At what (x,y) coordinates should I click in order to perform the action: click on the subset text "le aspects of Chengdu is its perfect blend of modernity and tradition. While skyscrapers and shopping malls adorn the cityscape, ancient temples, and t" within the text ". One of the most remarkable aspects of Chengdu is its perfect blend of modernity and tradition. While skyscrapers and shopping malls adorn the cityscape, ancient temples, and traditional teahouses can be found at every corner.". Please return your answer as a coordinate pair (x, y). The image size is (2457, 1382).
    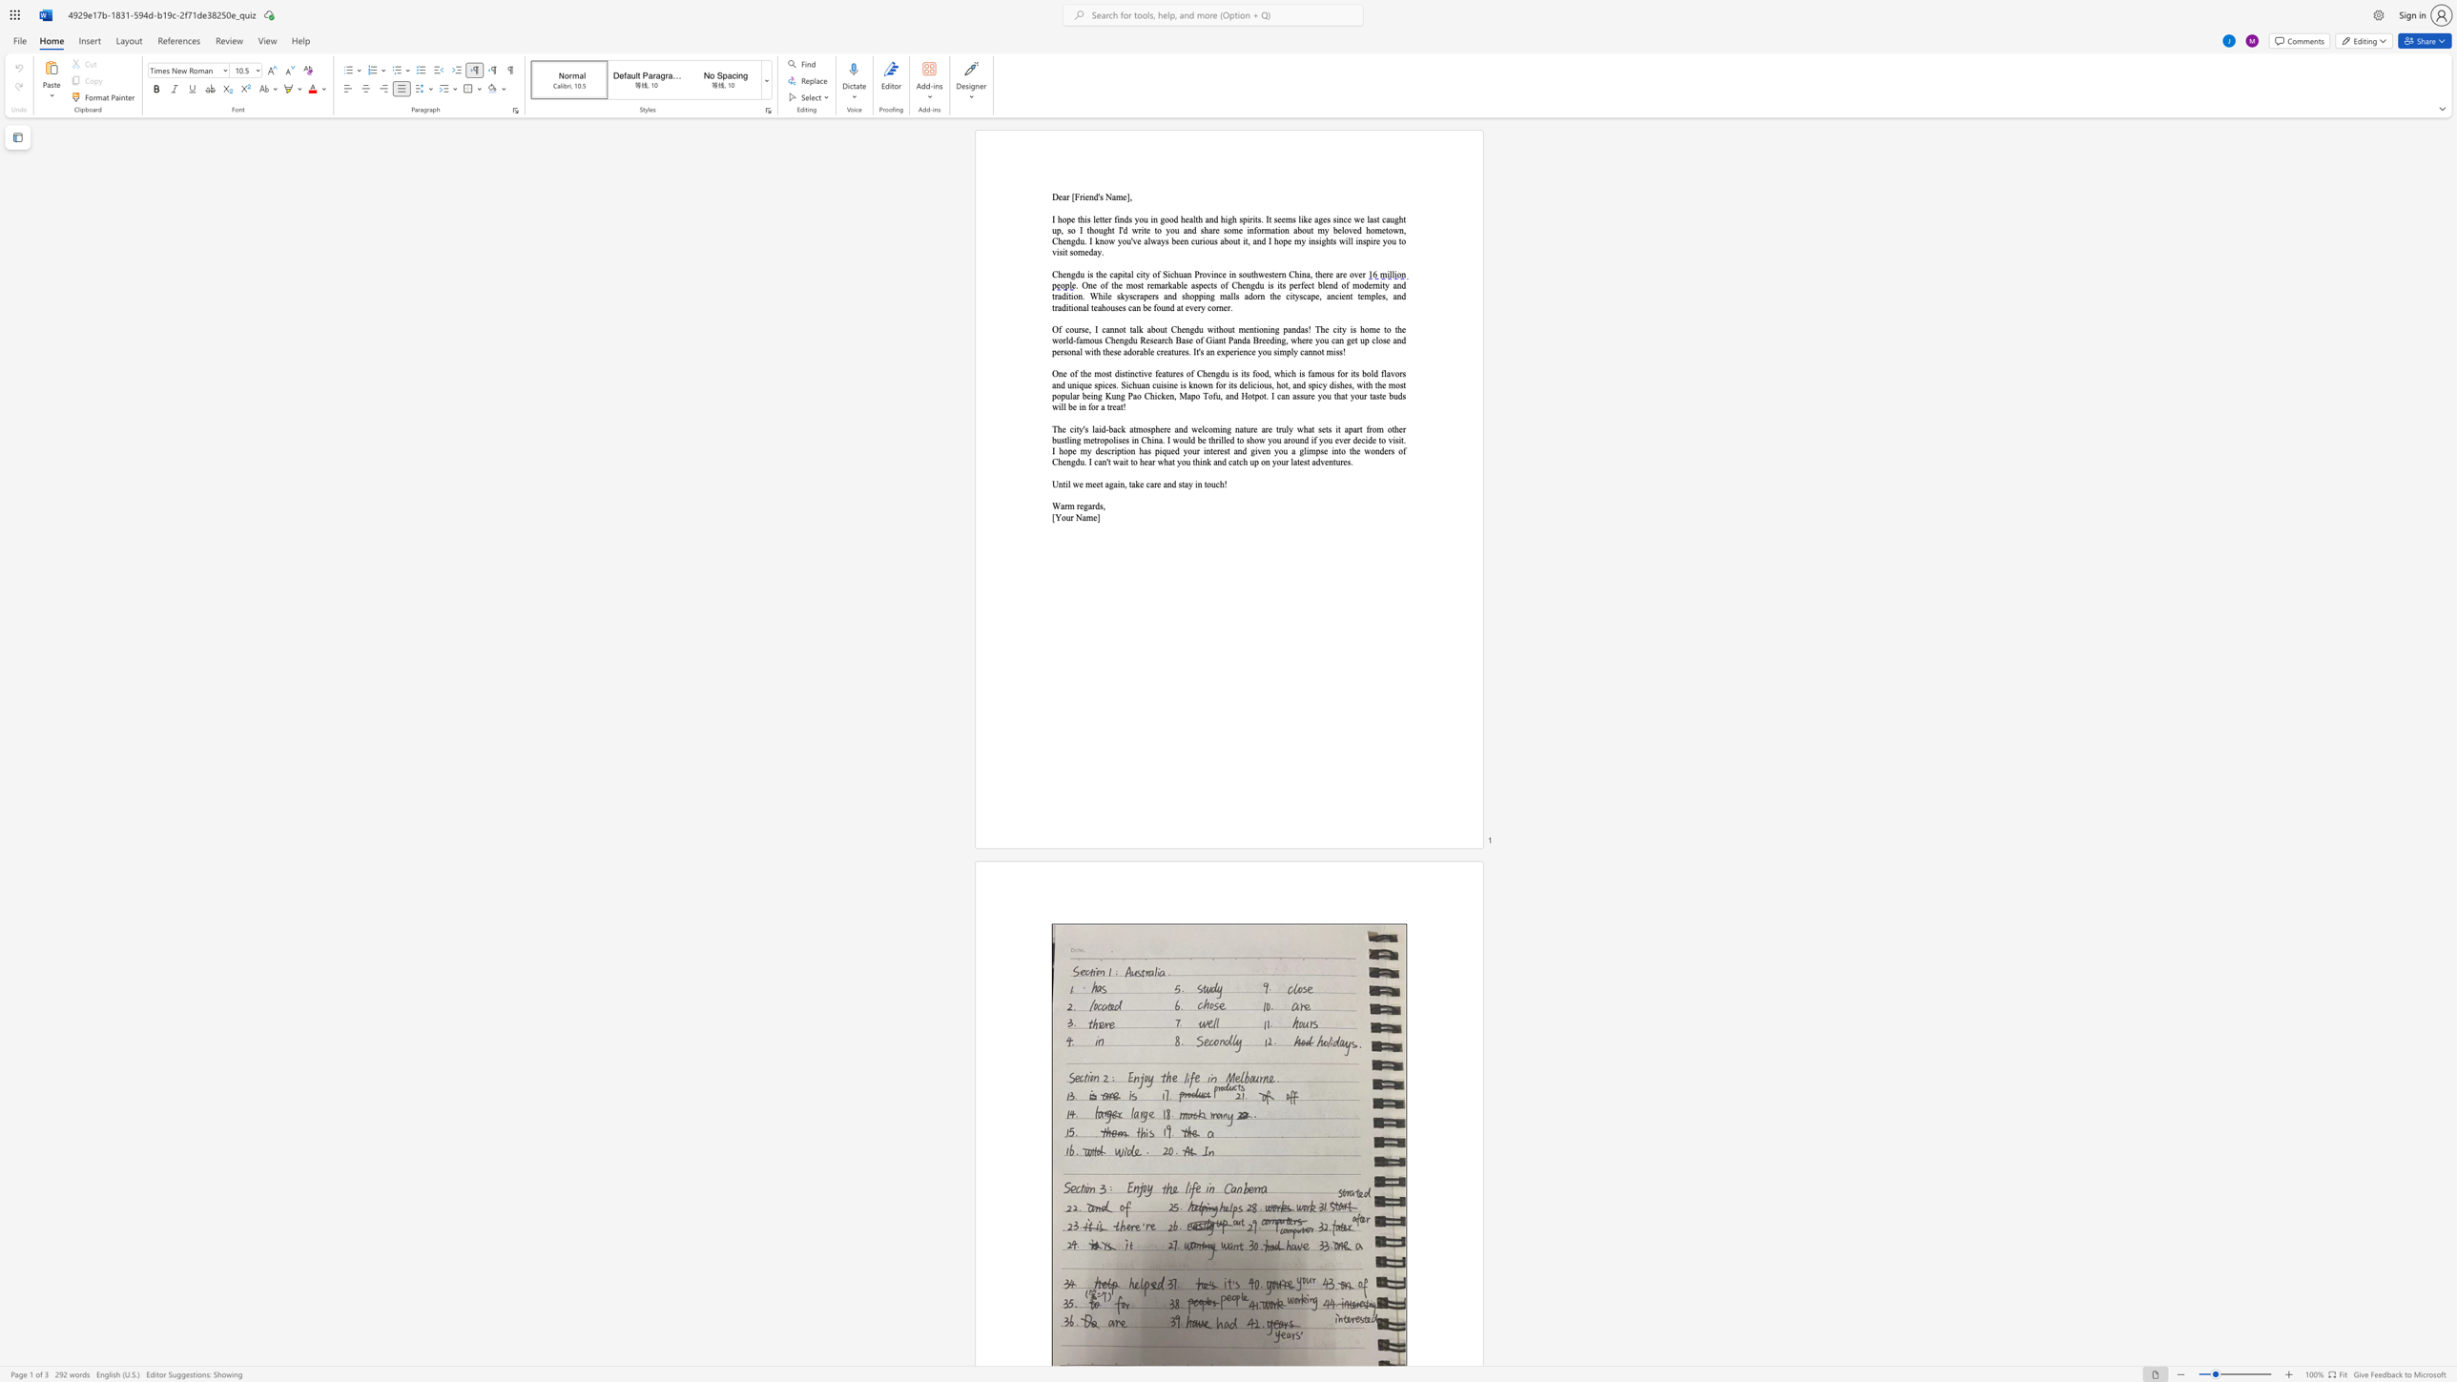
    Looking at the image, I should click on (1180, 285).